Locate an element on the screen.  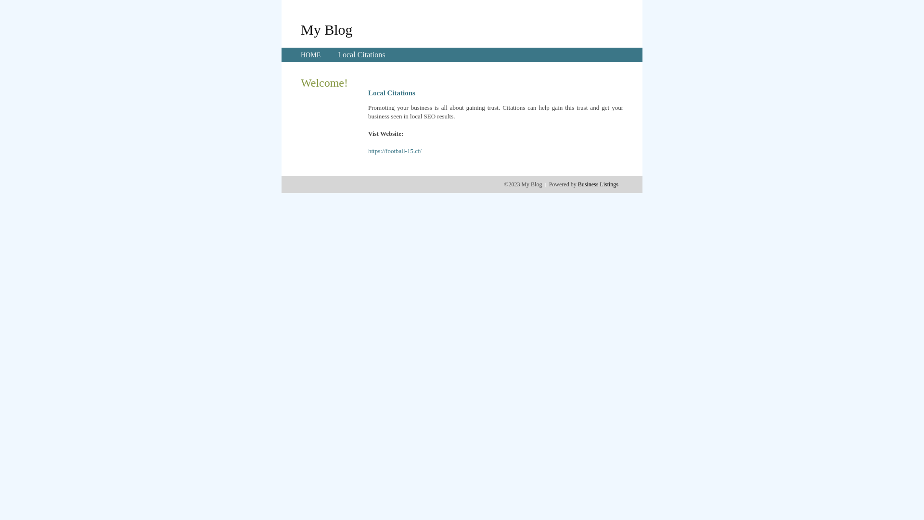
'https://football-15.cf/' is located at coordinates (395, 151).